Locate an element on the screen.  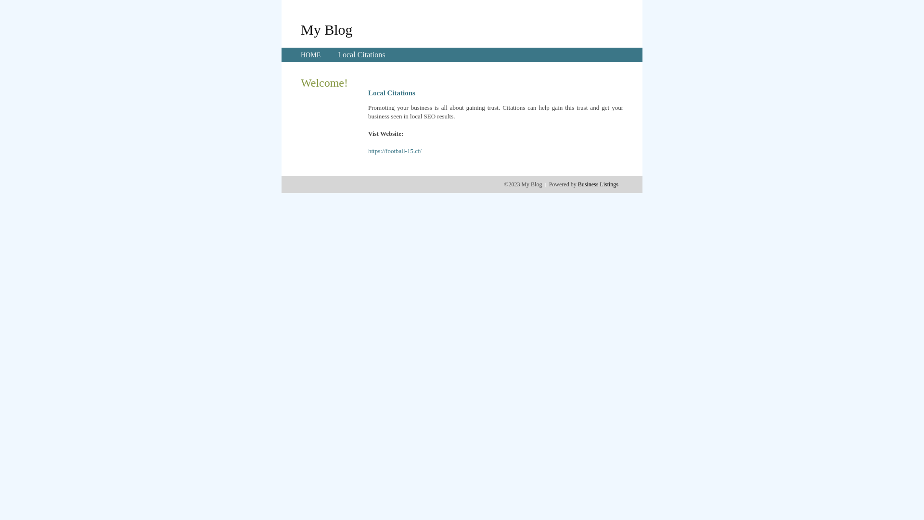
'https://football-15.cf/' is located at coordinates (395, 151).